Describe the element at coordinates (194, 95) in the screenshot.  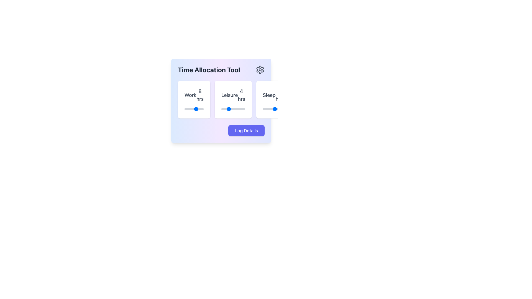
I see `the Text Label that displays the task category 'Work' and its associated time allocation '8 hrs', located within the 'Time Allocation Tool' card, above the slider component` at that location.